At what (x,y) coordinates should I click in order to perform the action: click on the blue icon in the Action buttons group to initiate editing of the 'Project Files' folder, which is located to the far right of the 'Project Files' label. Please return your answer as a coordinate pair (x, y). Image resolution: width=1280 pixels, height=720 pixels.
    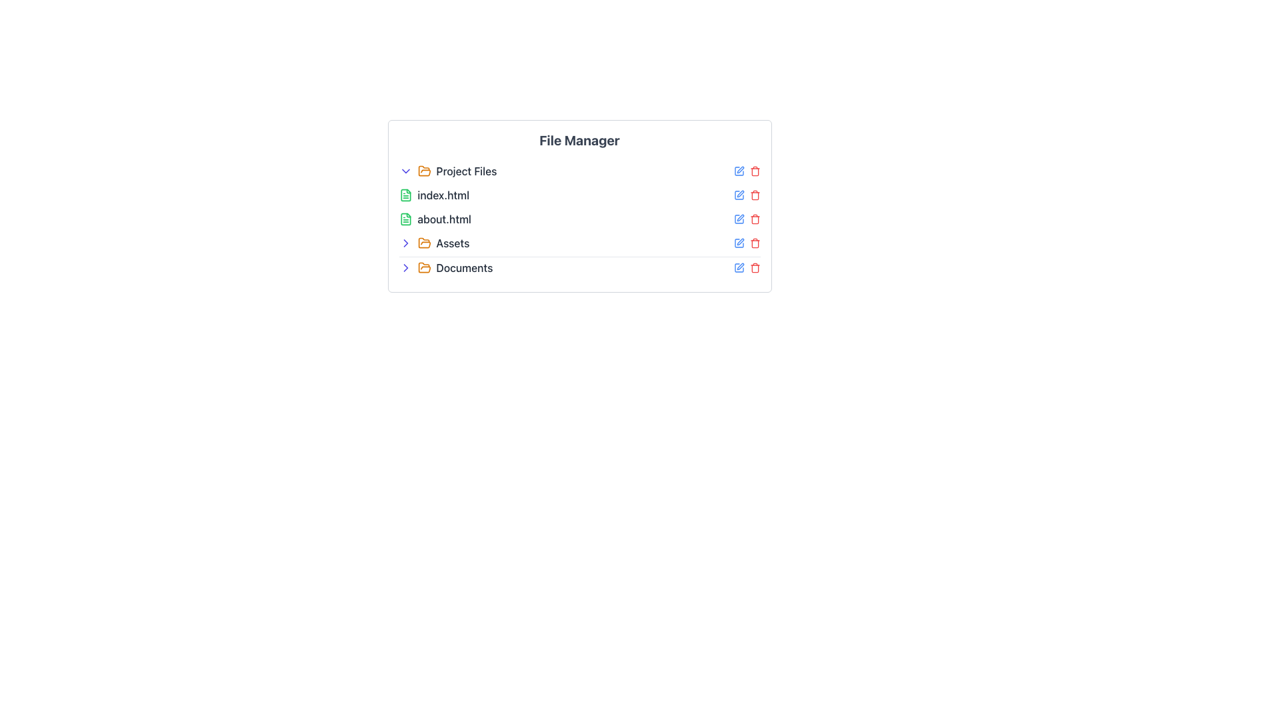
    Looking at the image, I should click on (747, 171).